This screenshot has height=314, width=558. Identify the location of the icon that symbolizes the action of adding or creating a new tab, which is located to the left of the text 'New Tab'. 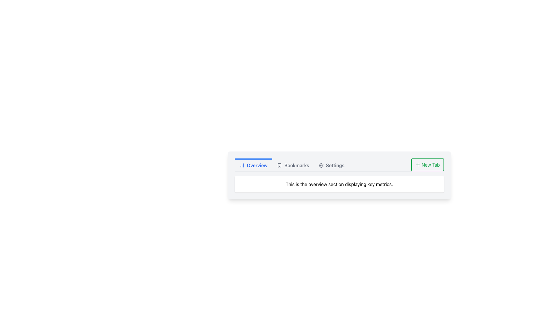
(417, 165).